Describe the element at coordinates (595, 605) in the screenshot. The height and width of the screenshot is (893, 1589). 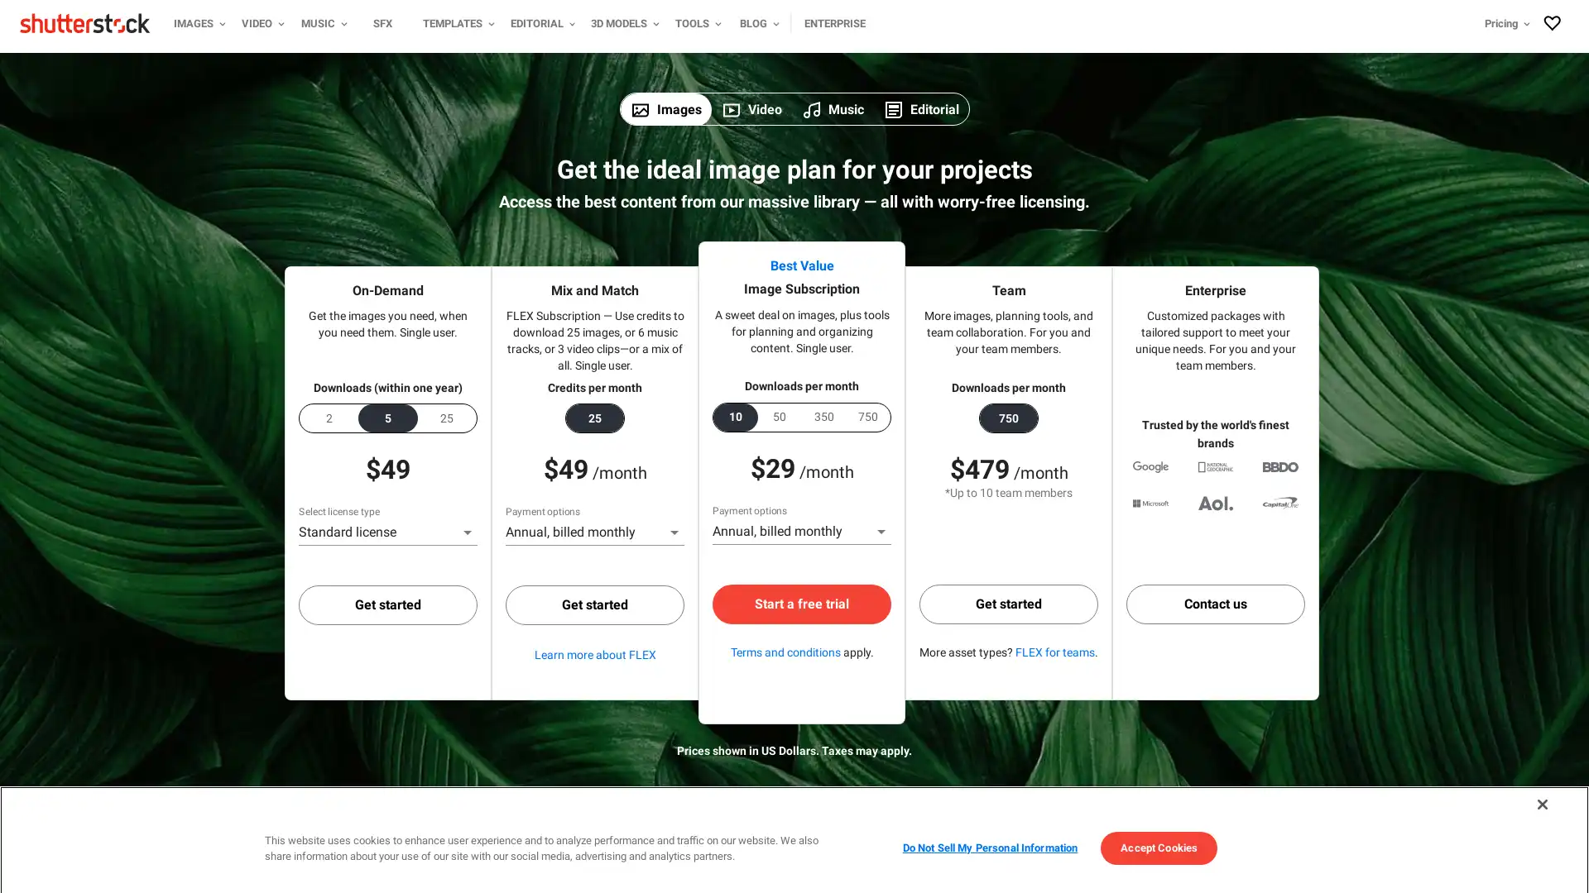
I see `Get started` at that location.